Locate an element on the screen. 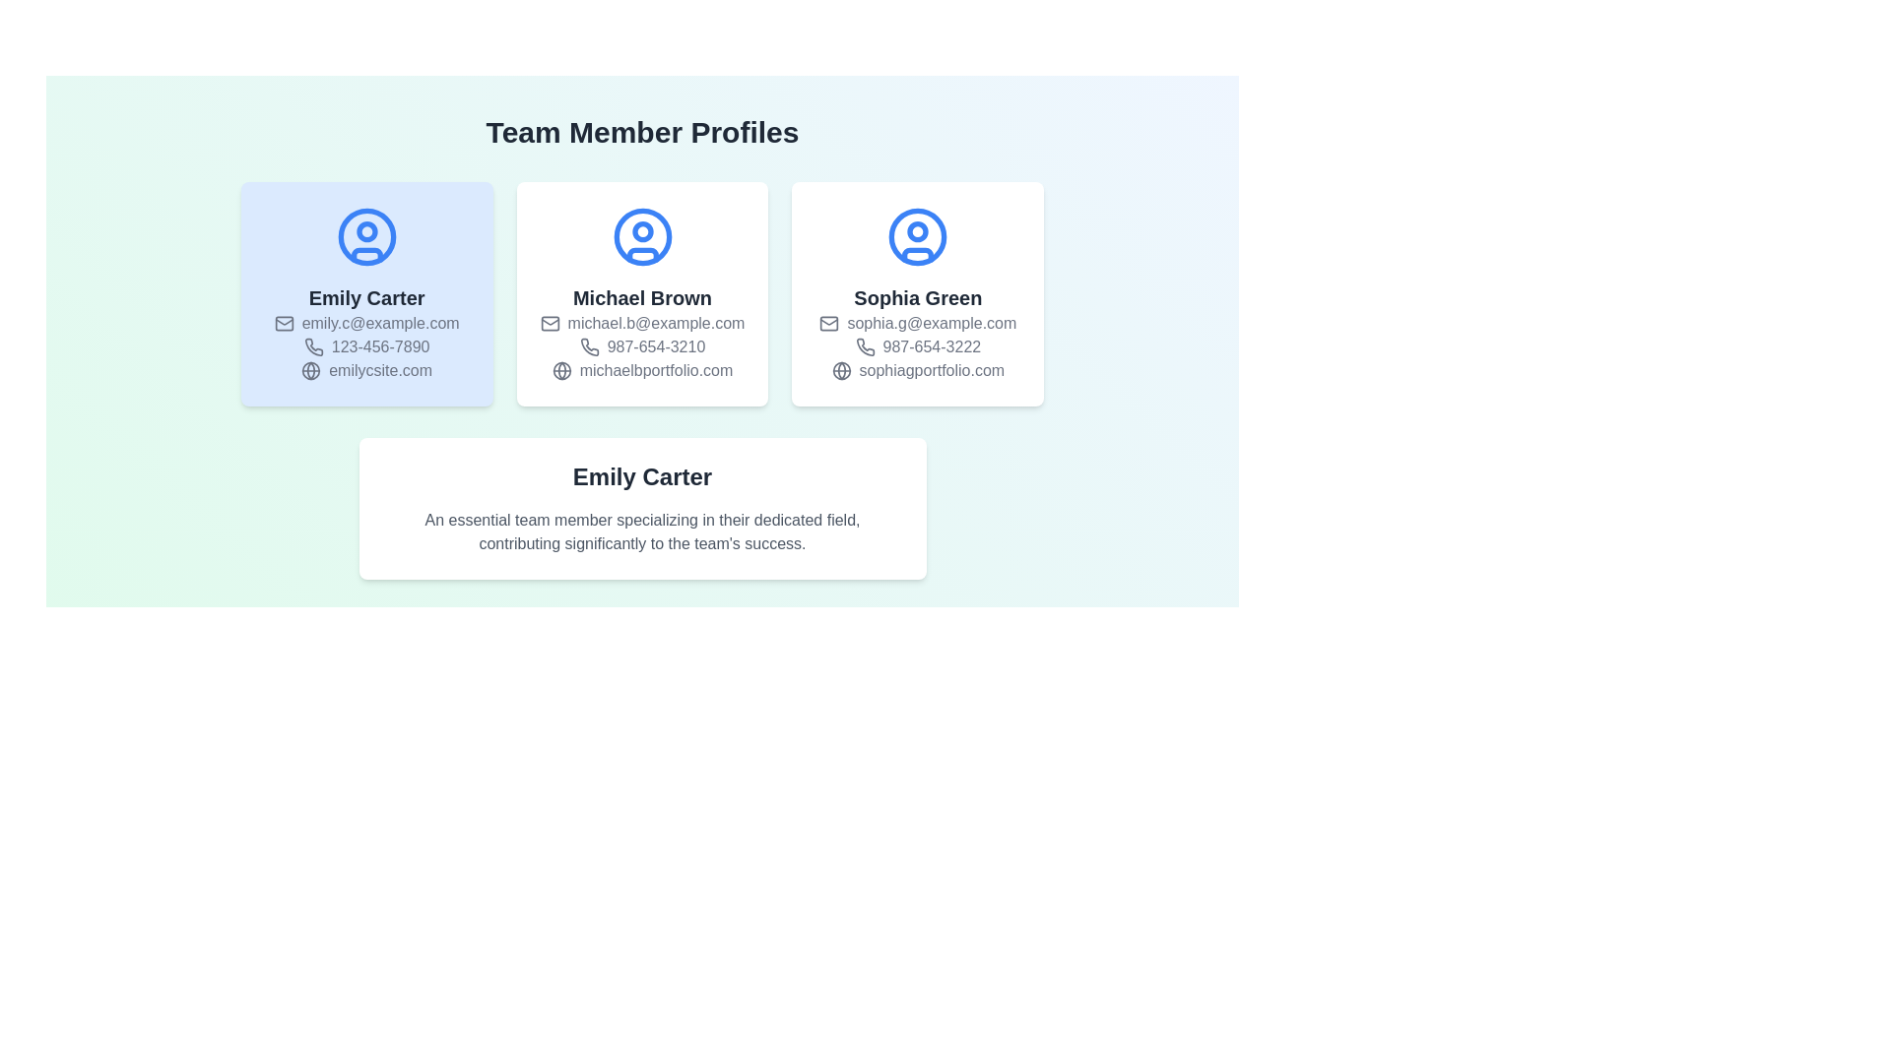  the circular blue user silhouette icon located at the top center of Michael Brown's profile card is located at coordinates (642, 235).